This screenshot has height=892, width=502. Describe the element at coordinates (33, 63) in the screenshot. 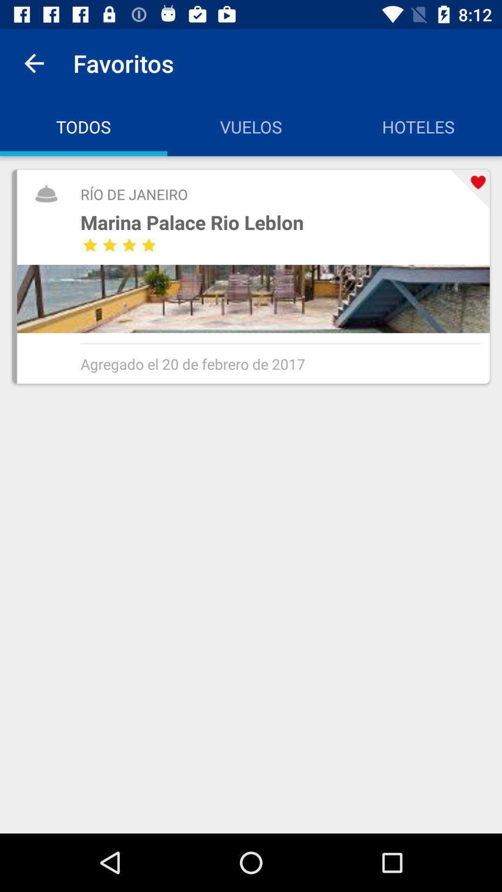

I see `the icon above todos` at that location.